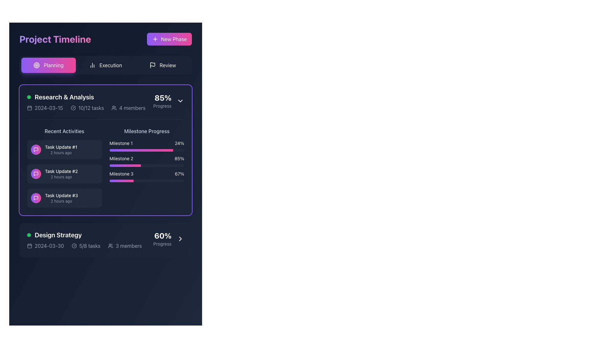  I want to click on the text with icon label that displays the number of members associated with a project, located in the 'Design Strategy' card group, so click(125, 245).